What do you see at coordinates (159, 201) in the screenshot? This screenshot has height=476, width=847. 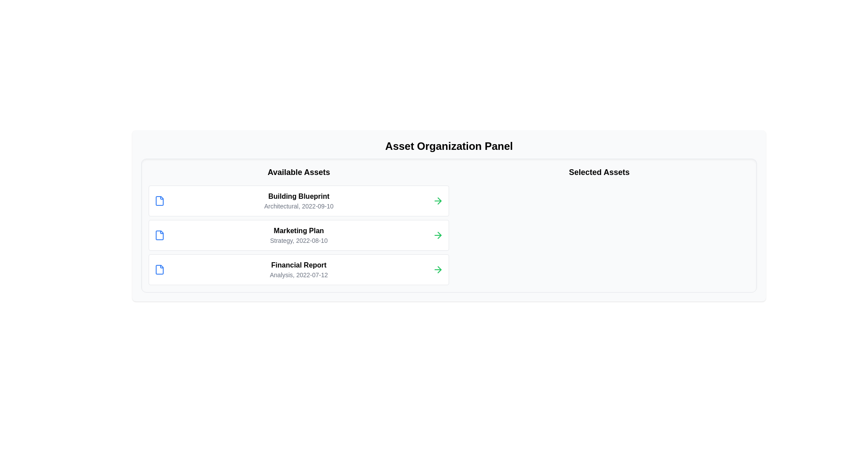 I see `the first icon representing the 'Building Blueprint' document in the 'Available Assets' section` at bounding box center [159, 201].